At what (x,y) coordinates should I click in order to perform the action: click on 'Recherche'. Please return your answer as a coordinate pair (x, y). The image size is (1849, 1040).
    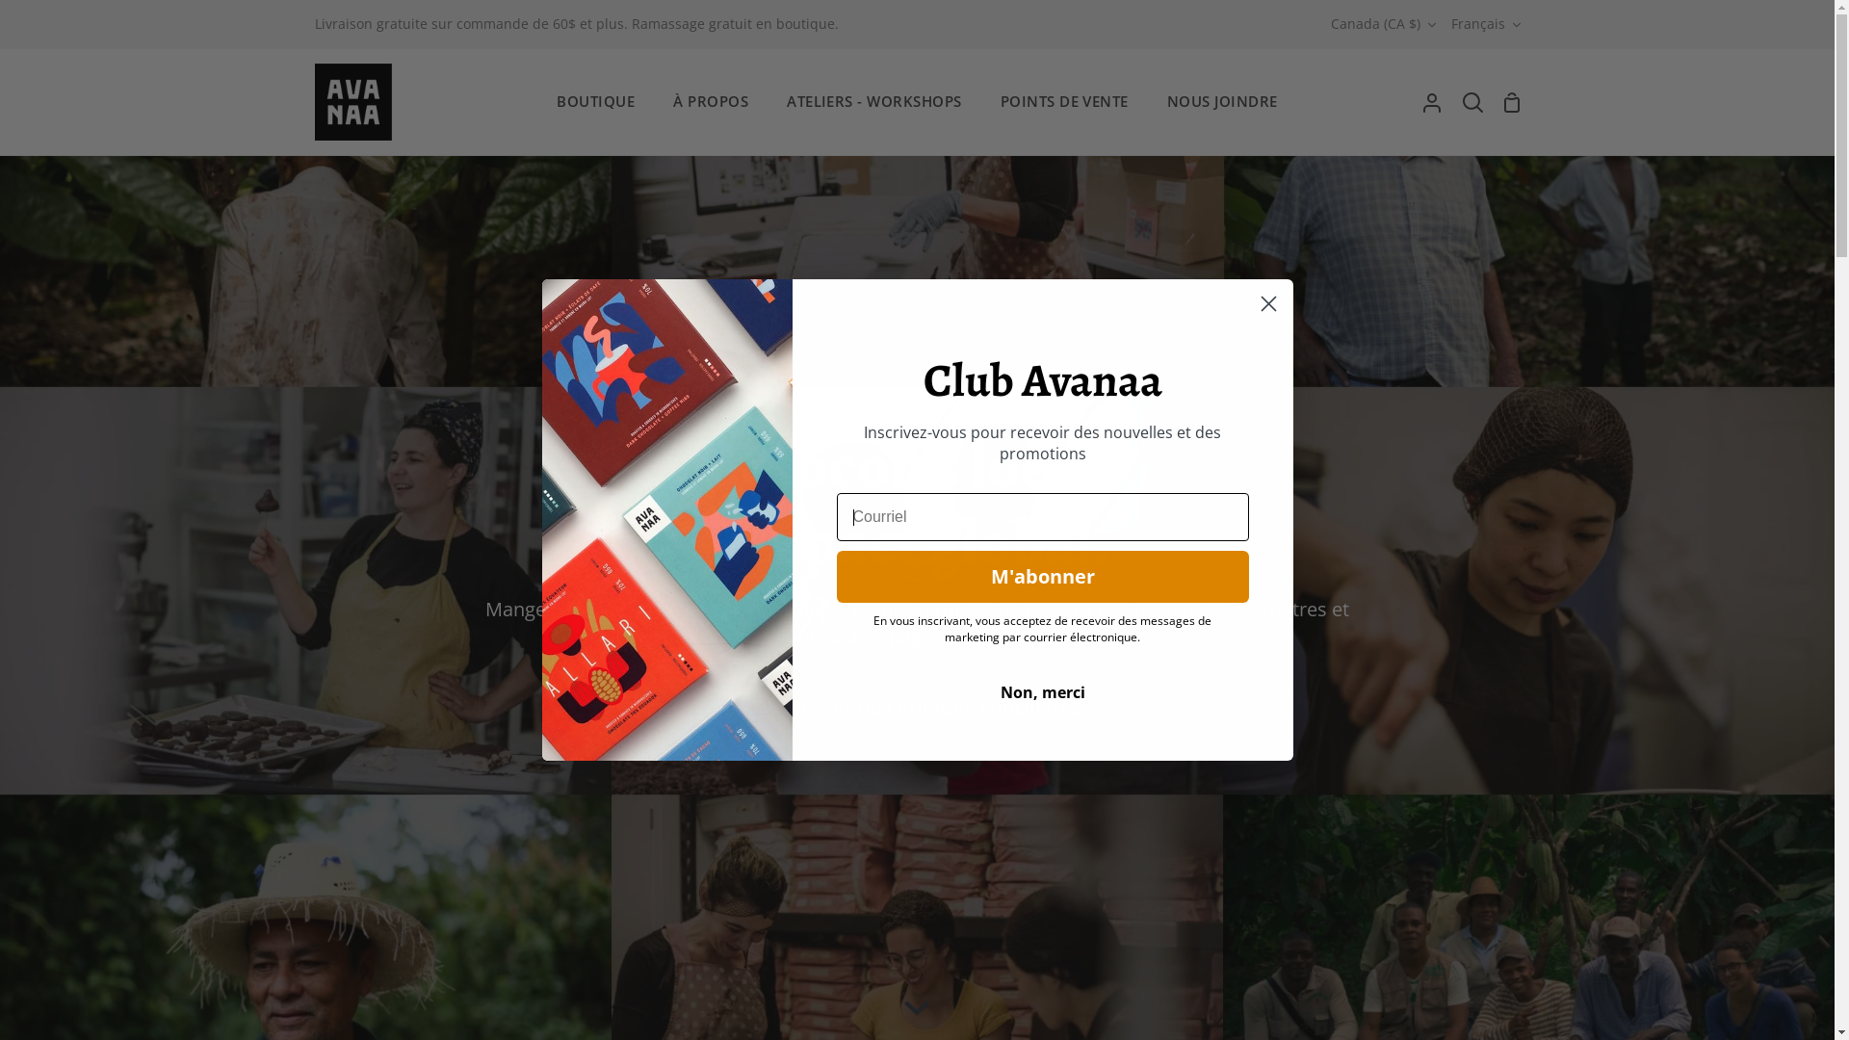
    Looking at the image, I should click on (1471, 101).